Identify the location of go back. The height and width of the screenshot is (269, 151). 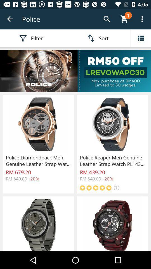
(10, 19).